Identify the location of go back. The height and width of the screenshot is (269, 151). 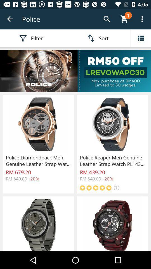
(10, 19).